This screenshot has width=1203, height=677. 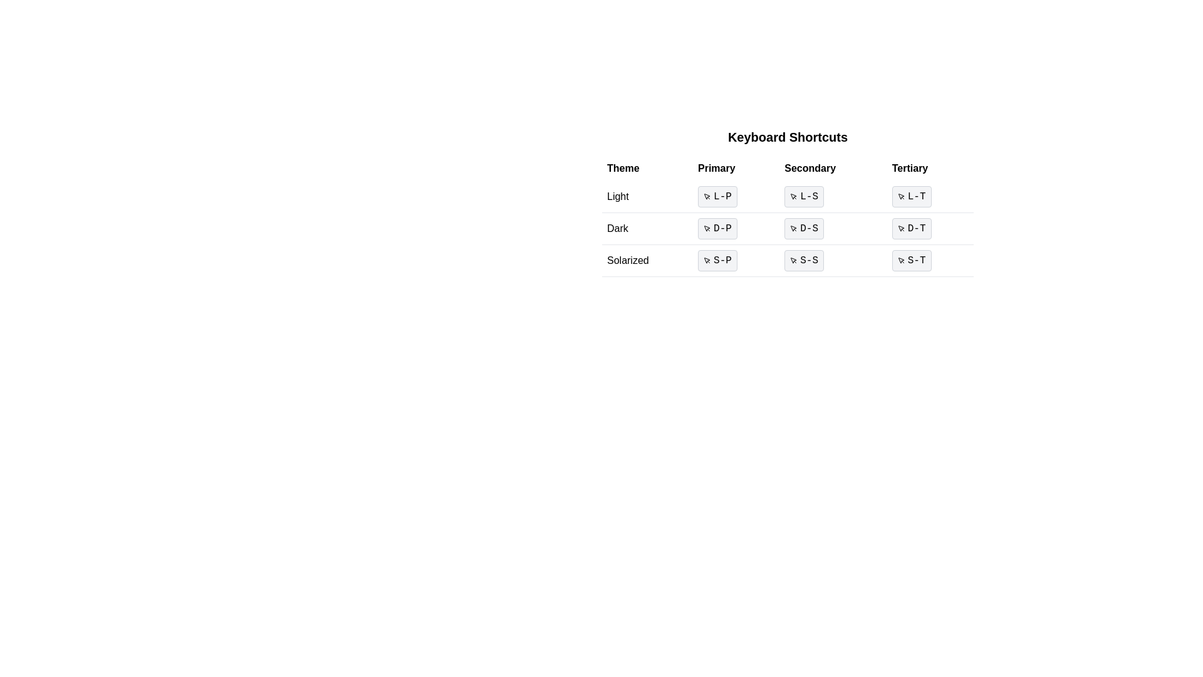 I want to click on the non-interactive text label displaying the keyboard shortcut 'S-T' in the third column of the last row within the 'Keyboard Shortcuts' grid, so click(x=917, y=260).